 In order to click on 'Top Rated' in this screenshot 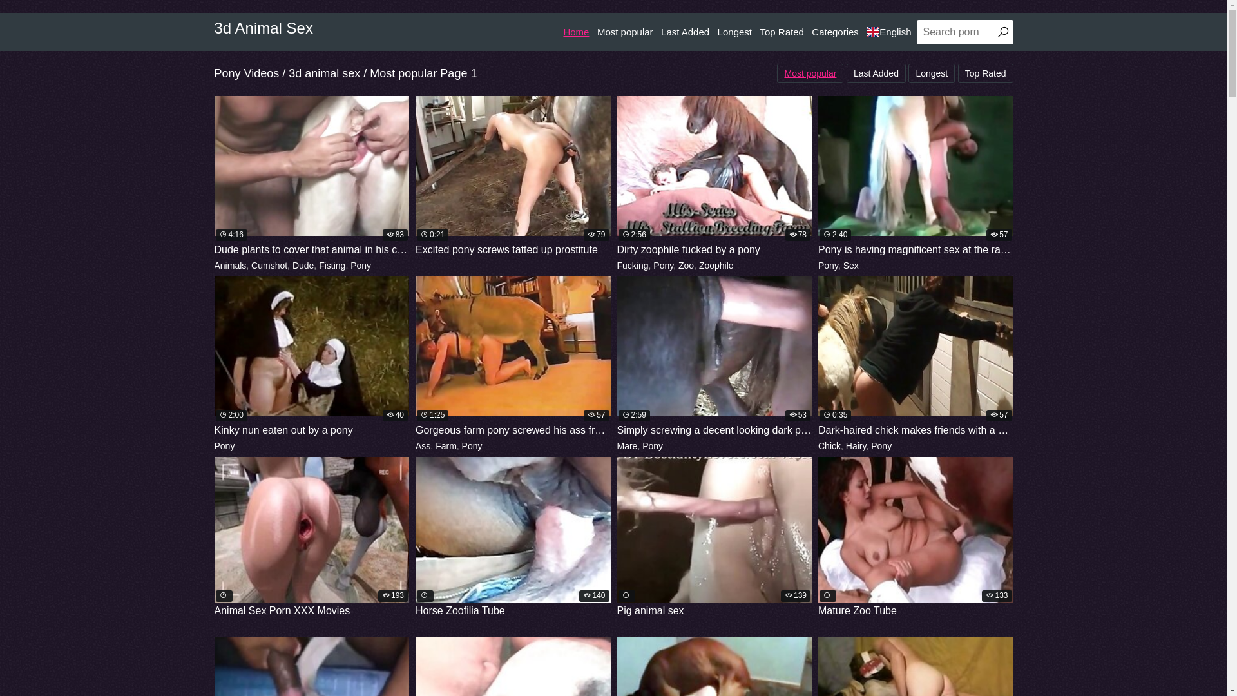, I will do `click(985, 73)`.